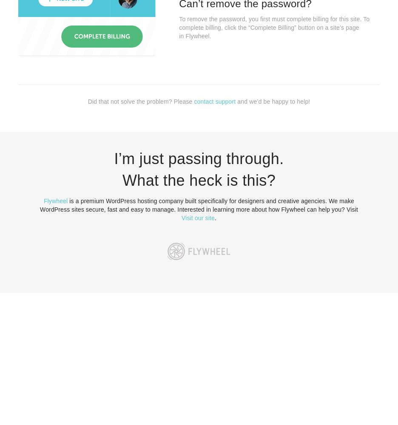 Image resolution: width=398 pixels, height=425 pixels. Describe the element at coordinates (179, 27) in the screenshot. I see `'To remove the password, you first must complete billing for this site. To complete billing, click the “Complete Billing” button on a site’s page in Flywheel.'` at that location.